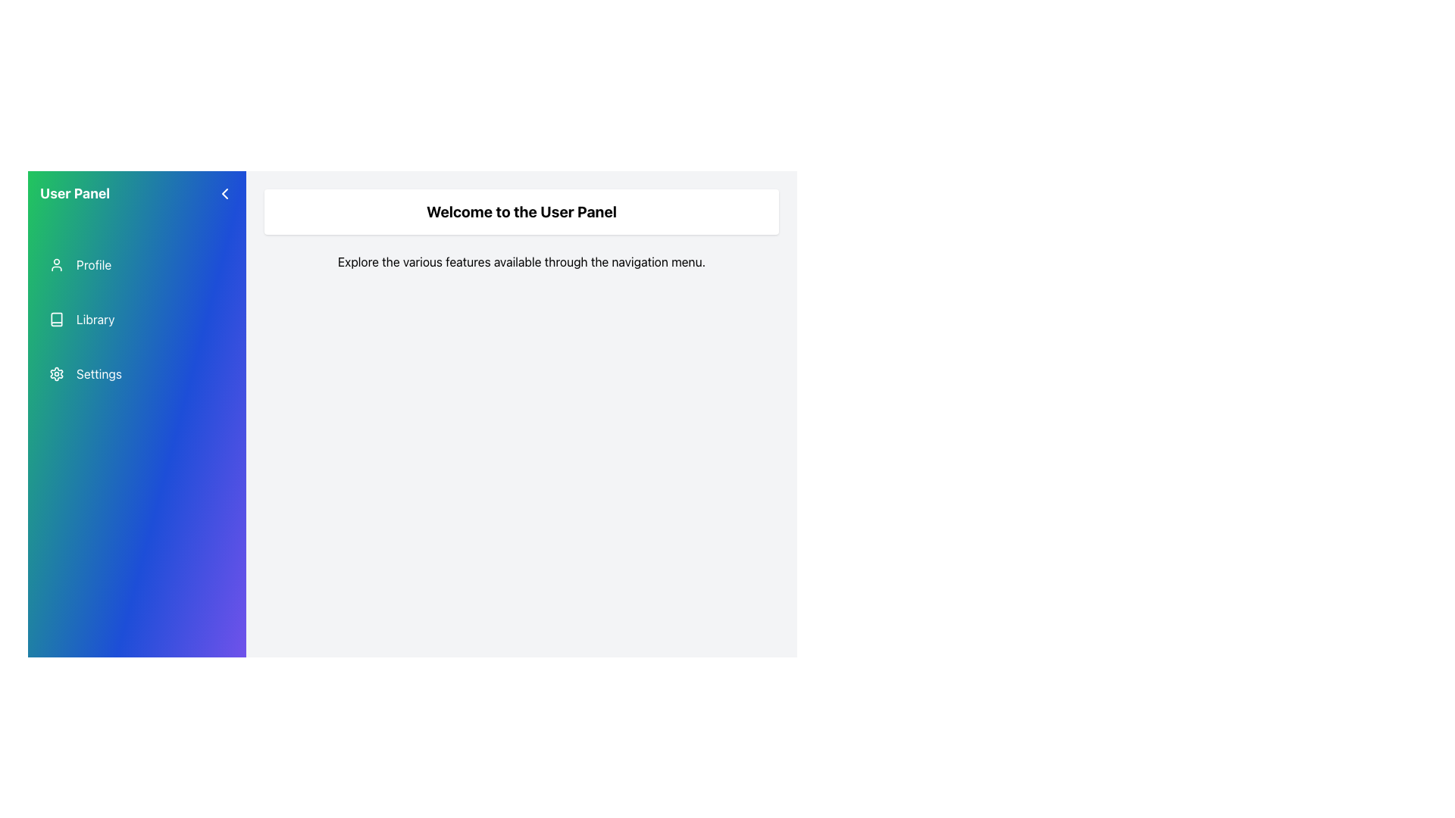 The width and height of the screenshot is (1455, 818). What do you see at coordinates (137, 304) in the screenshot?
I see `the 'Library' navigation menu item in the User Panel side panel` at bounding box center [137, 304].